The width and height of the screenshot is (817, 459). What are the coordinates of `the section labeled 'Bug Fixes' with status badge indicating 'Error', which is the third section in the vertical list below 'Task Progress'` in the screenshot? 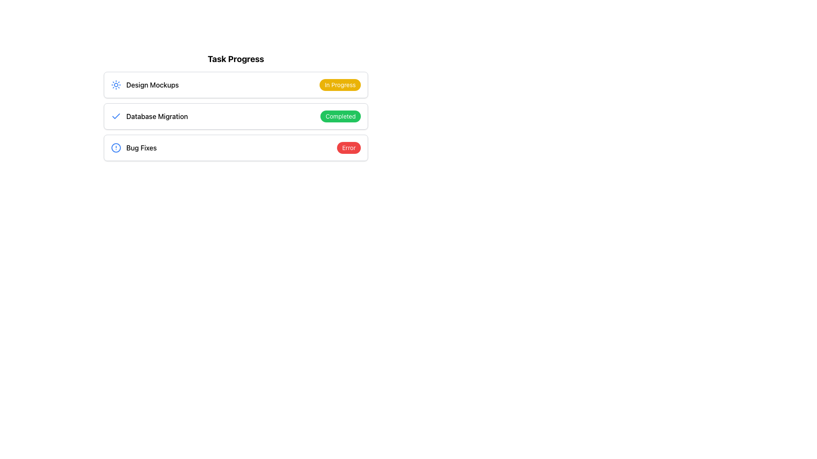 It's located at (236, 147).